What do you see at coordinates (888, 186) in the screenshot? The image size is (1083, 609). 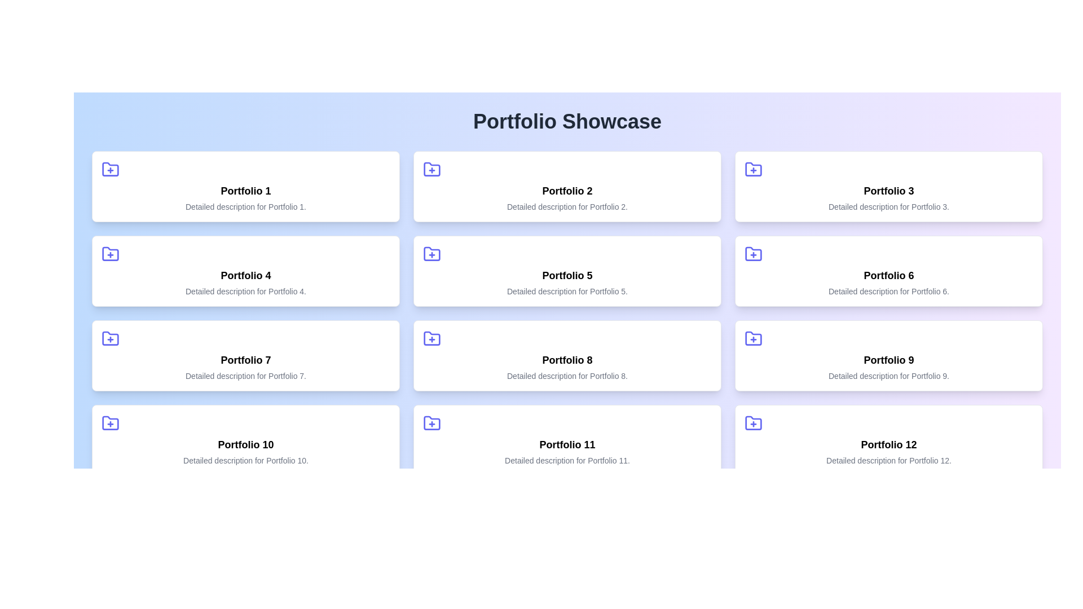 I see `the third portfolio card in the showcase` at bounding box center [888, 186].